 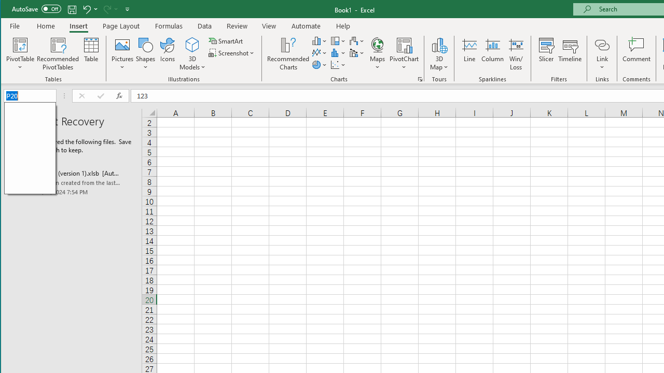 What do you see at coordinates (122, 54) in the screenshot?
I see `'Pictures'` at bounding box center [122, 54].